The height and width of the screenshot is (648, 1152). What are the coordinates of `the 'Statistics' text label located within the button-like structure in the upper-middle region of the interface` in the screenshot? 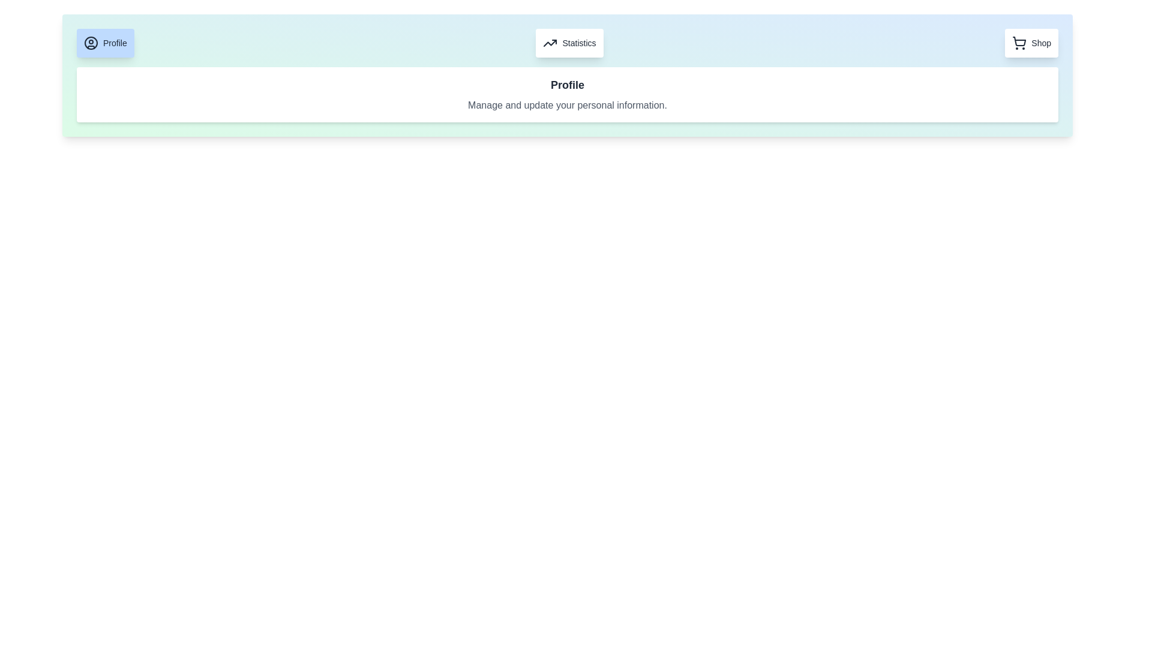 It's located at (579, 43).